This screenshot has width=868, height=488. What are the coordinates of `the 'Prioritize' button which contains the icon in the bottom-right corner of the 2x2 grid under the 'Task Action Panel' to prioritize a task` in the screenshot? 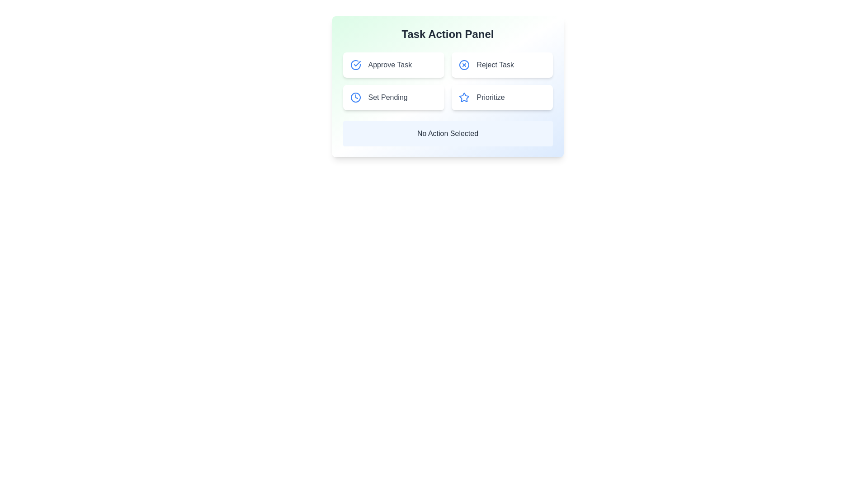 It's located at (464, 97).